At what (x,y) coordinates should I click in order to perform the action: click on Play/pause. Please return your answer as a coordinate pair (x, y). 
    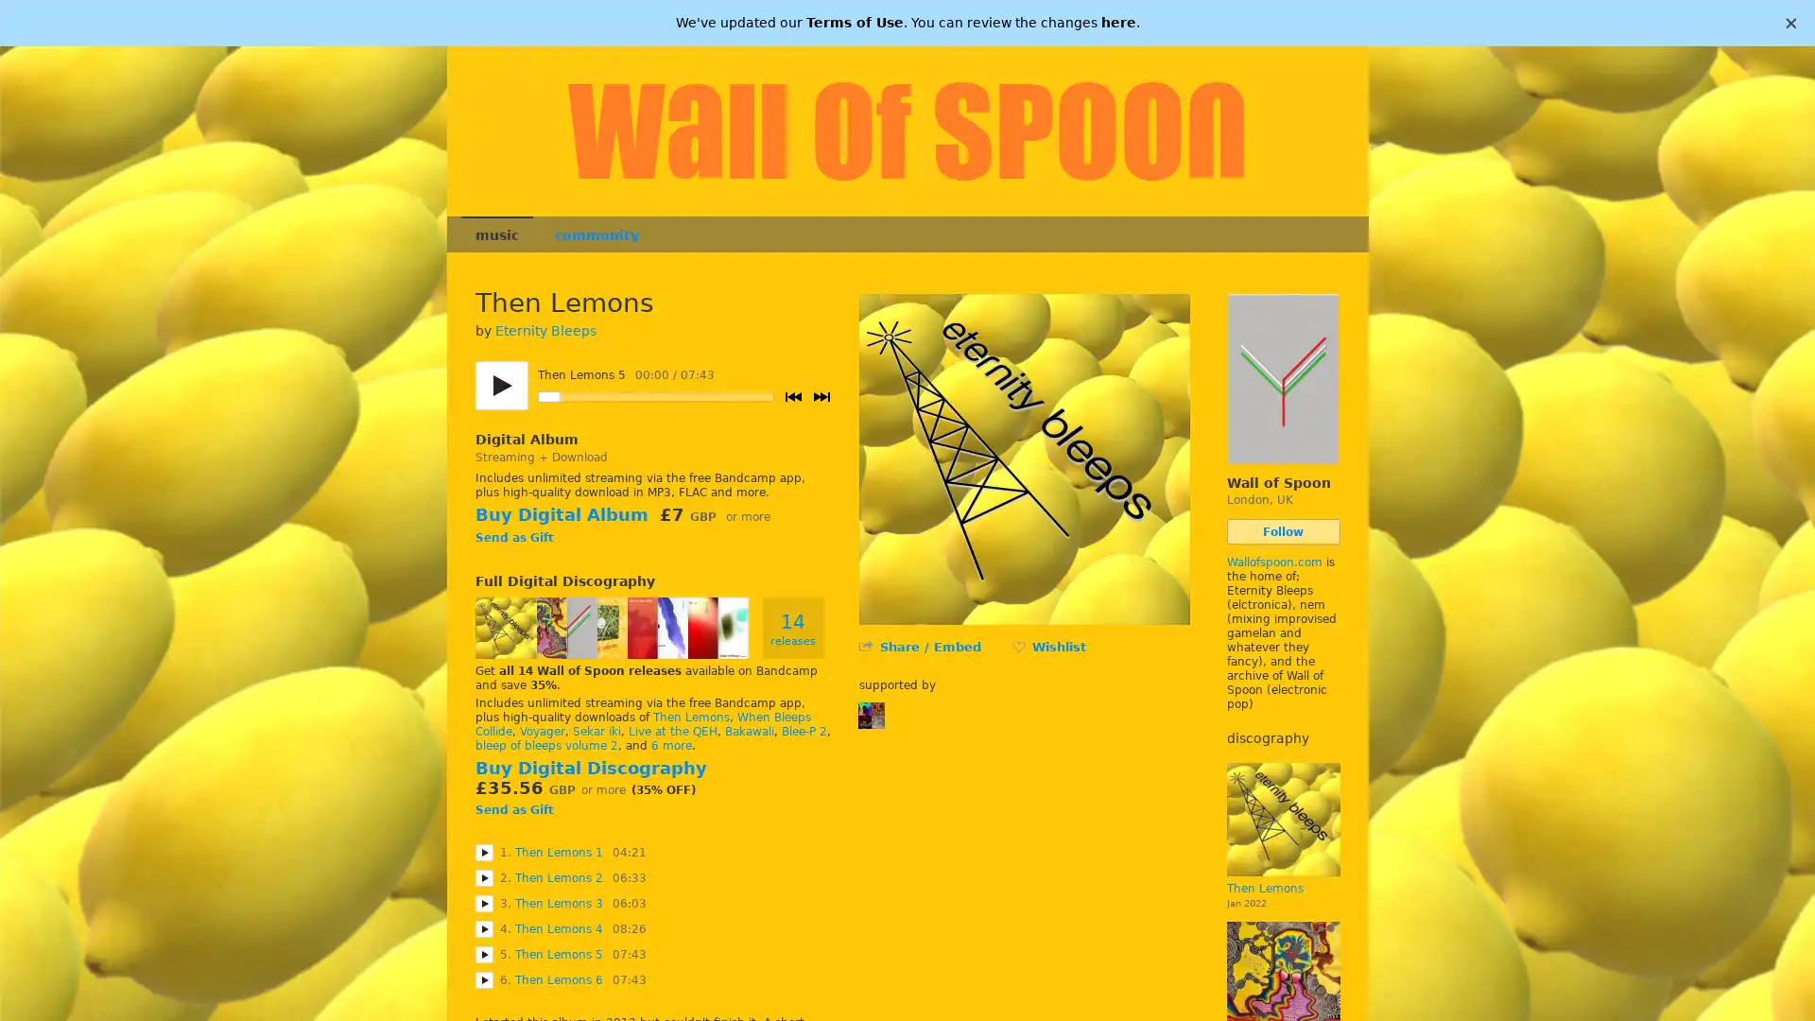
    Looking at the image, I should click on (500, 385).